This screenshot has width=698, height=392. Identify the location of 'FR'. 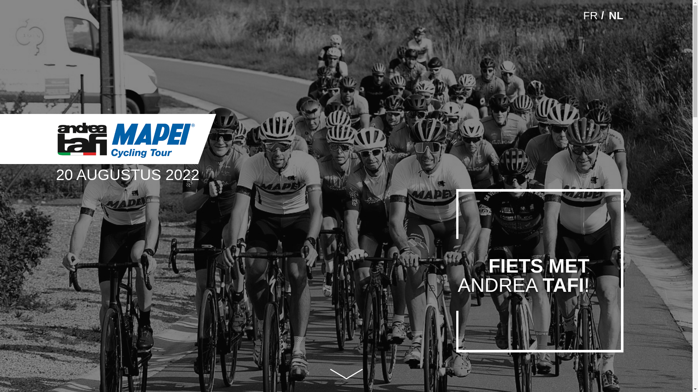
(590, 15).